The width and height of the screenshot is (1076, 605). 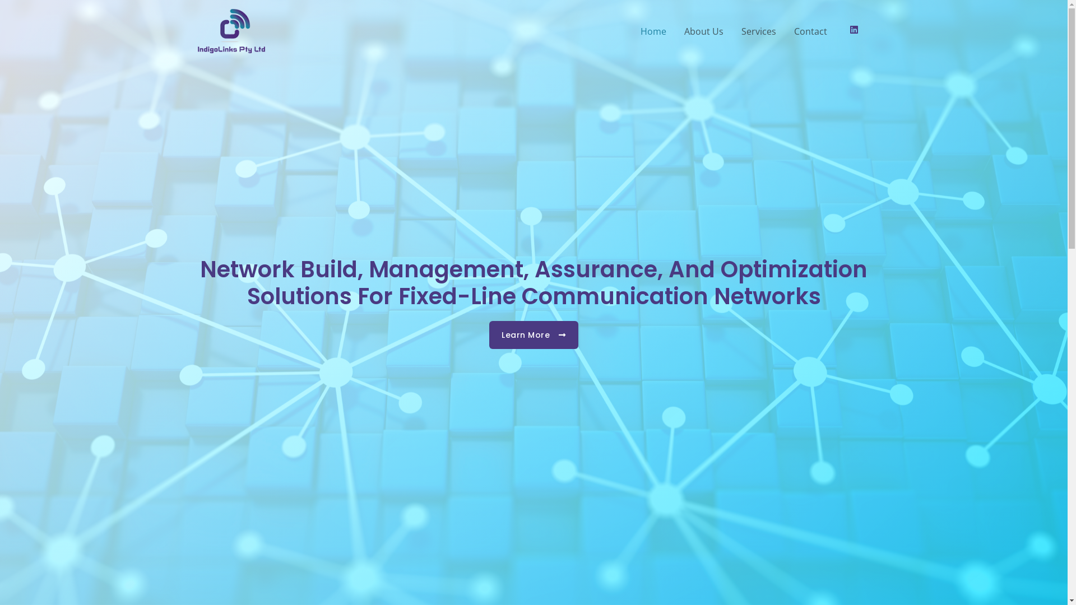 What do you see at coordinates (653, 31) in the screenshot?
I see `'Home'` at bounding box center [653, 31].